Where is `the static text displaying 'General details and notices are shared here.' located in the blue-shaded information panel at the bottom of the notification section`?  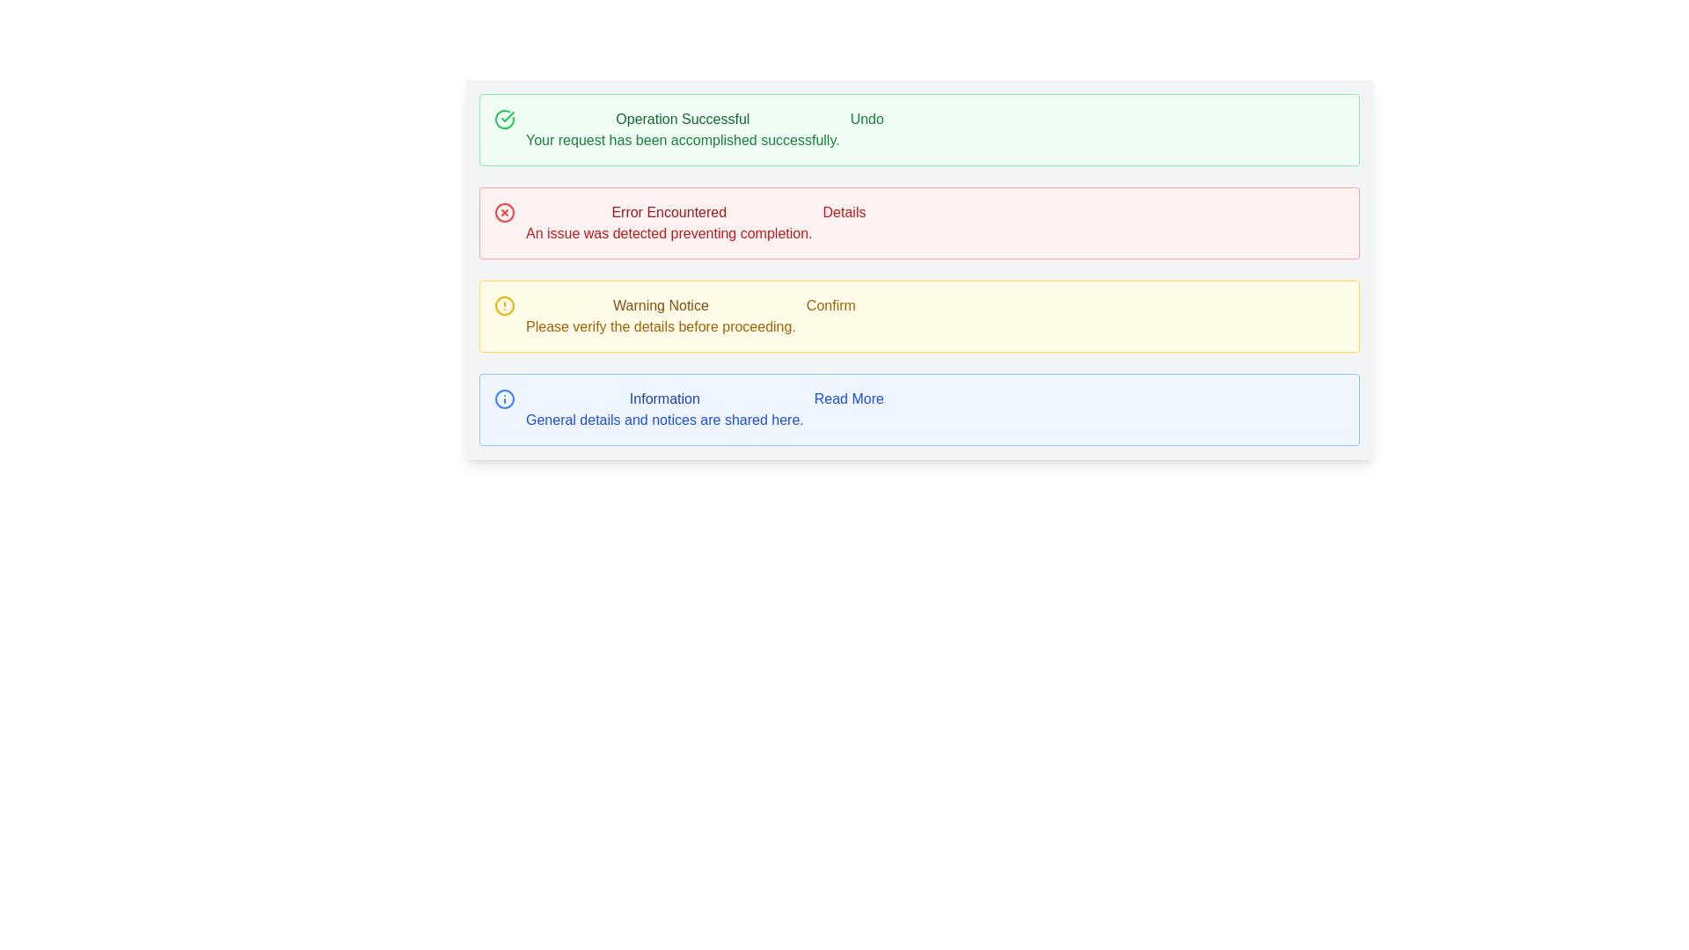
the static text displaying 'General details and notices are shared here.' located in the blue-shaded information panel at the bottom of the notification section is located at coordinates (663, 420).